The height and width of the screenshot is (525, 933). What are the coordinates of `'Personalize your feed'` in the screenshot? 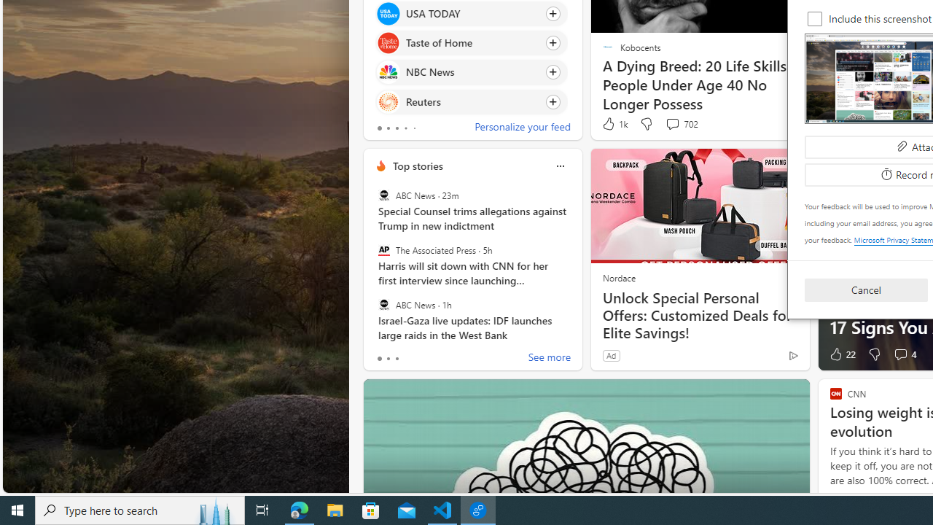 It's located at (522, 128).